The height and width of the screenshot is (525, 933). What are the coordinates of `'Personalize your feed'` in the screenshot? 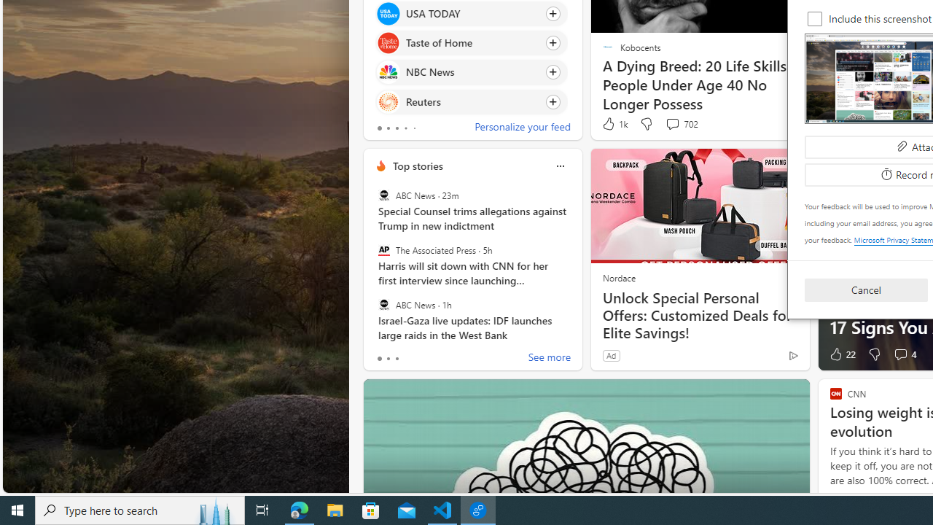 It's located at (522, 128).